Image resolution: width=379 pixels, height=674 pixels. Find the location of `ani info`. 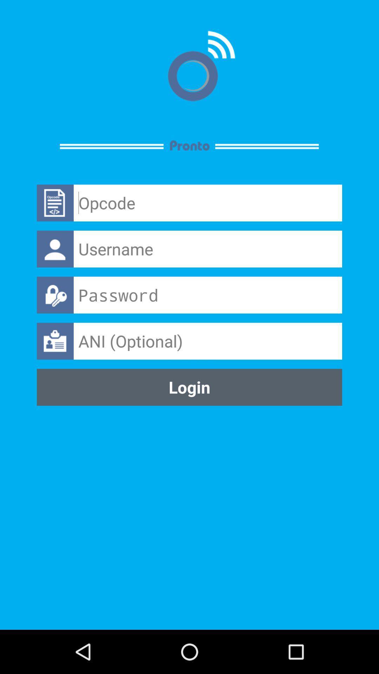

ani info is located at coordinates (207, 341).